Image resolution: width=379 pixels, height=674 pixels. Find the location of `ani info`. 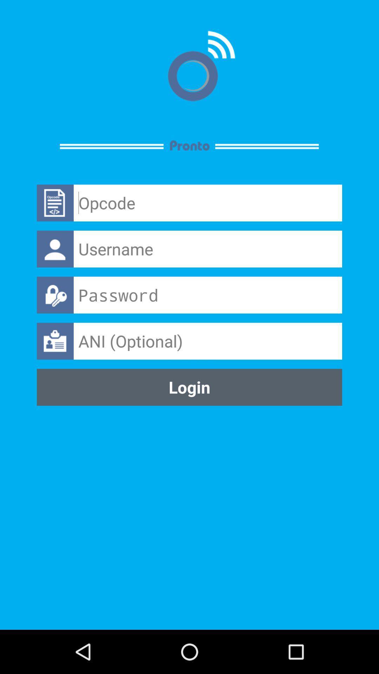

ani info is located at coordinates (207, 341).